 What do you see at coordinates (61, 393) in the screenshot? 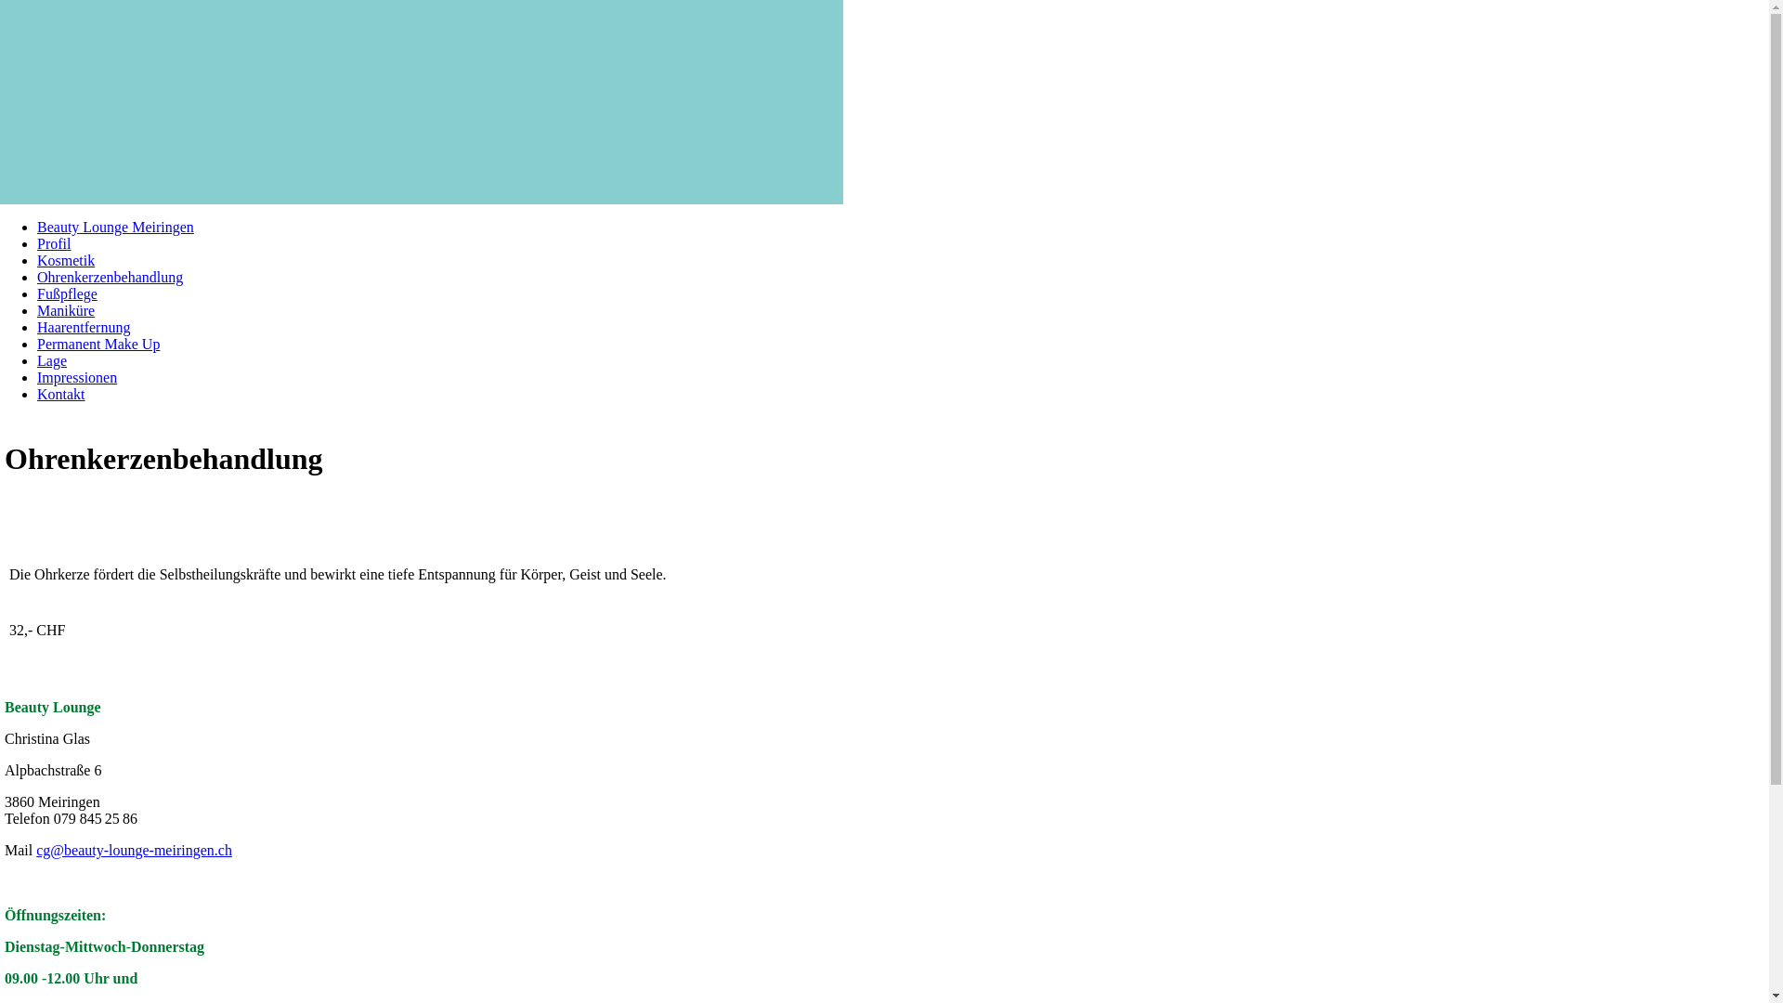
I see `'Kontakt'` at bounding box center [61, 393].